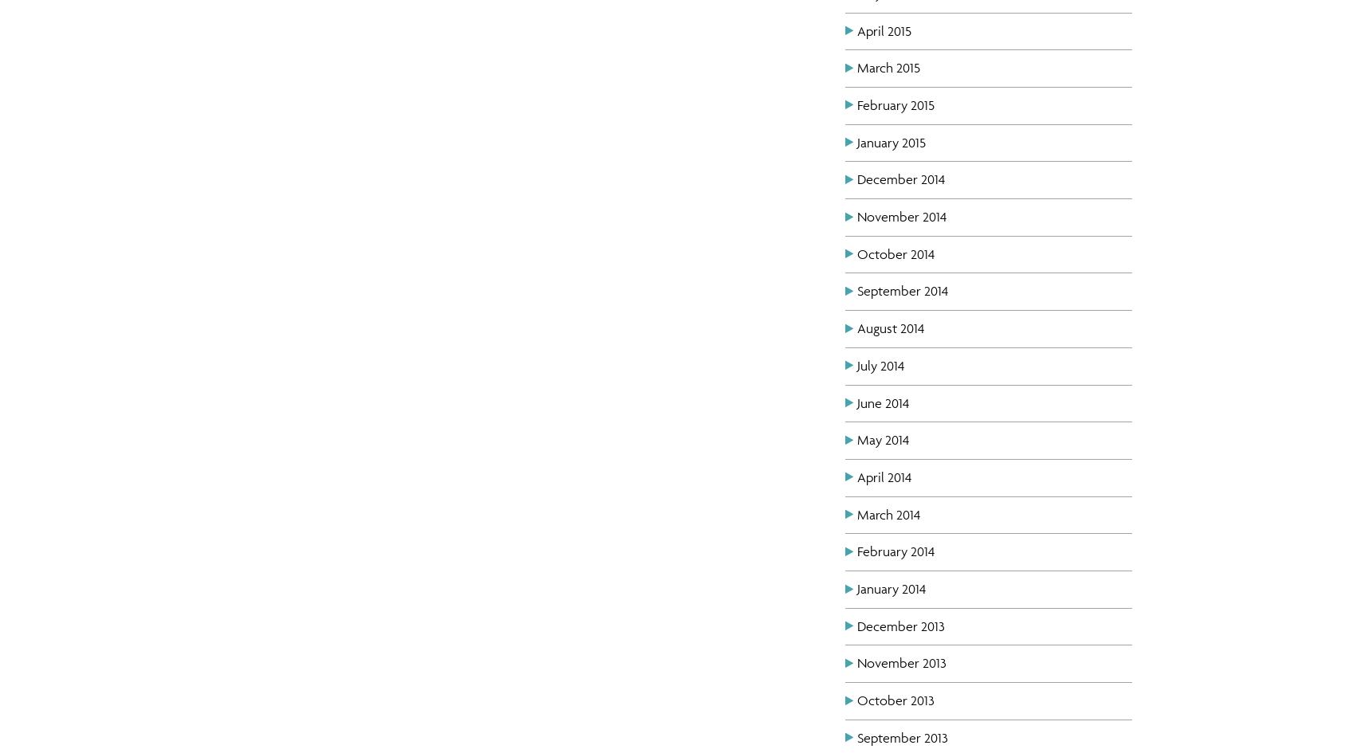 The width and height of the screenshot is (1356, 753). Describe the element at coordinates (856, 289) in the screenshot. I see `'September 2014'` at that location.